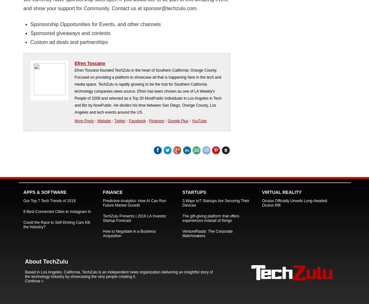 This screenshot has width=369, height=304. Describe the element at coordinates (139, 149) in the screenshot. I see `'3'` at that location.